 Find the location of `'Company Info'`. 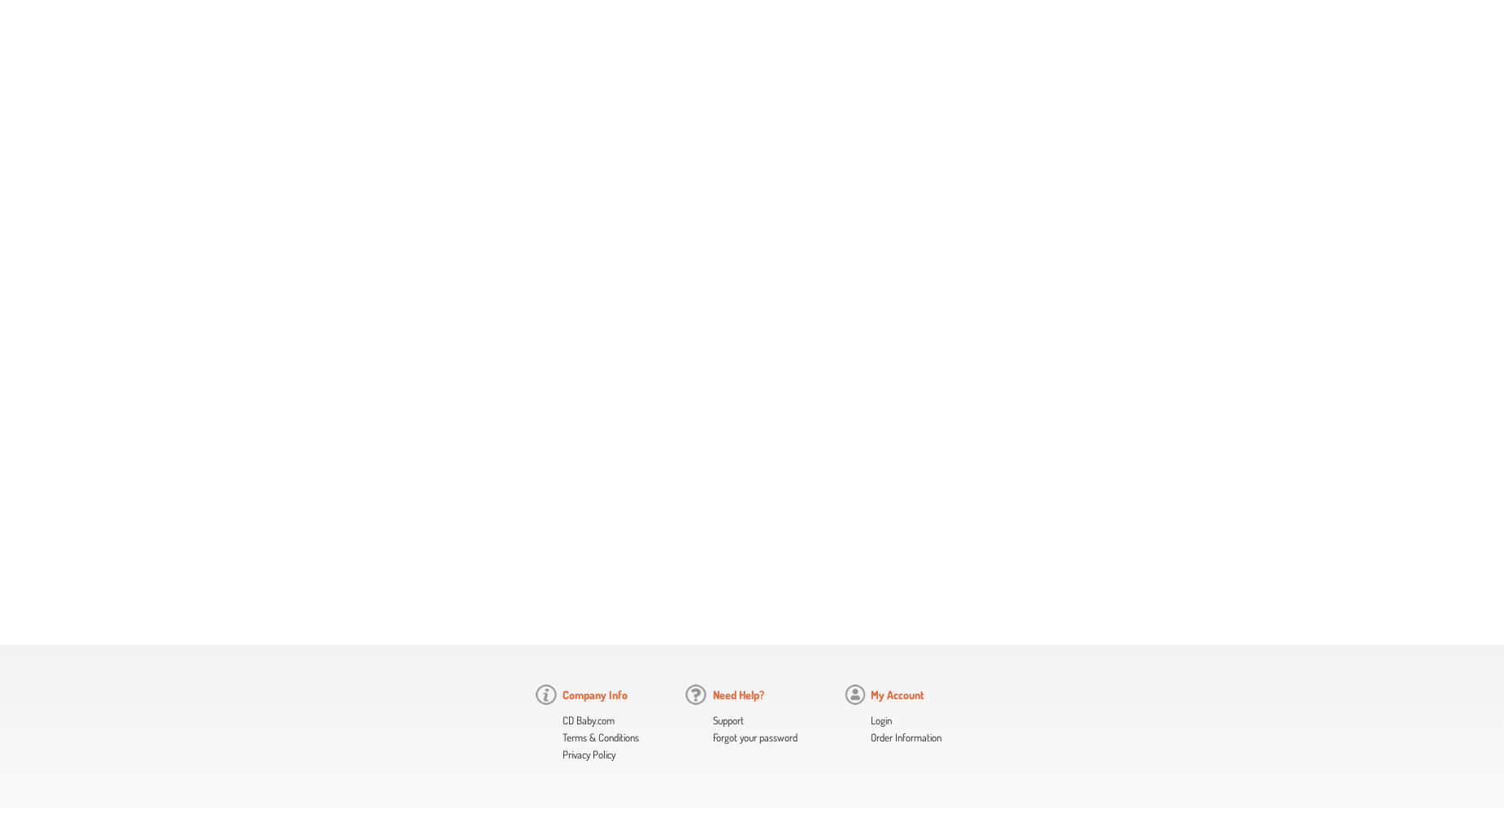

'Company Info' is located at coordinates (595, 693).